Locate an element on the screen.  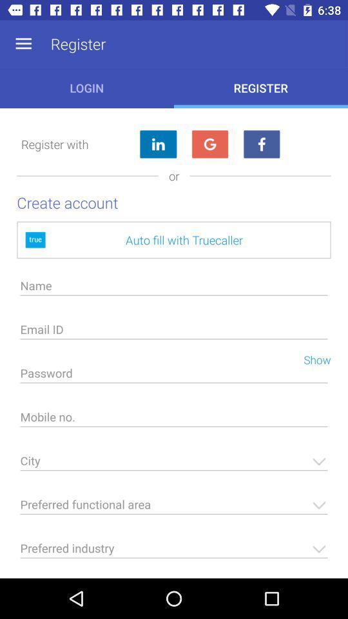
the icon above the register with icon is located at coordinates (23, 44).